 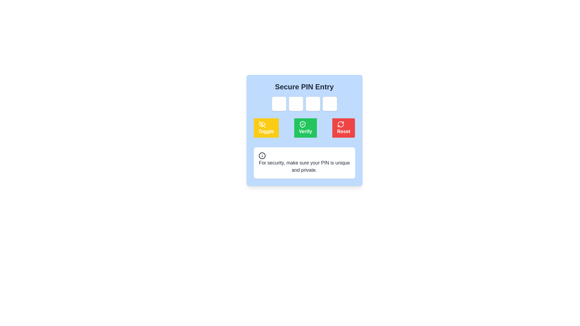 What do you see at coordinates (304, 130) in the screenshot?
I see `the 'Reset' button, which is colored red and located at the bottom of the 'Secure PIN Entry' card layout` at bounding box center [304, 130].